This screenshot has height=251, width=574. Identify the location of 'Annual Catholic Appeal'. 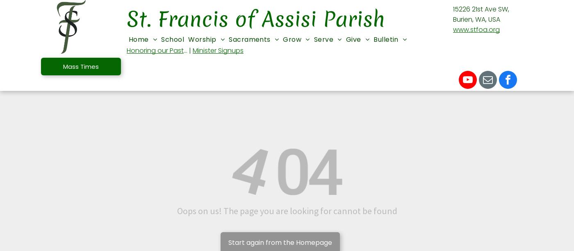
(390, 74).